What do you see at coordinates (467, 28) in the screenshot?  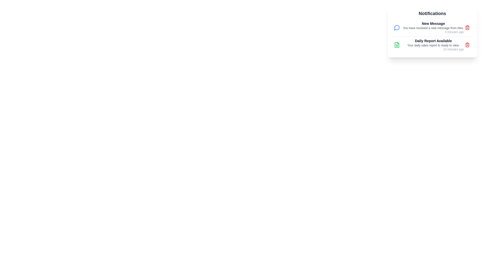 I see `delete button for the notification titled 'New Message'` at bounding box center [467, 28].